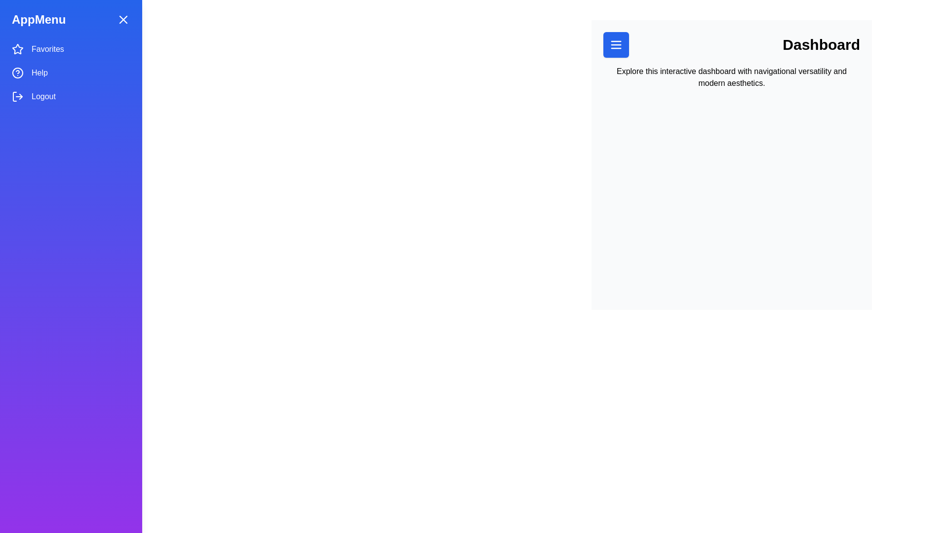 The height and width of the screenshot is (533, 948). Describe the element at coordinates (17, 97) in the screenshot. I see `the logout icon, which is a thin, modern arrow pointing right exiting from a bracket, located adjacent to the 'Logout' text in the left vertical navigation menu` at that location.